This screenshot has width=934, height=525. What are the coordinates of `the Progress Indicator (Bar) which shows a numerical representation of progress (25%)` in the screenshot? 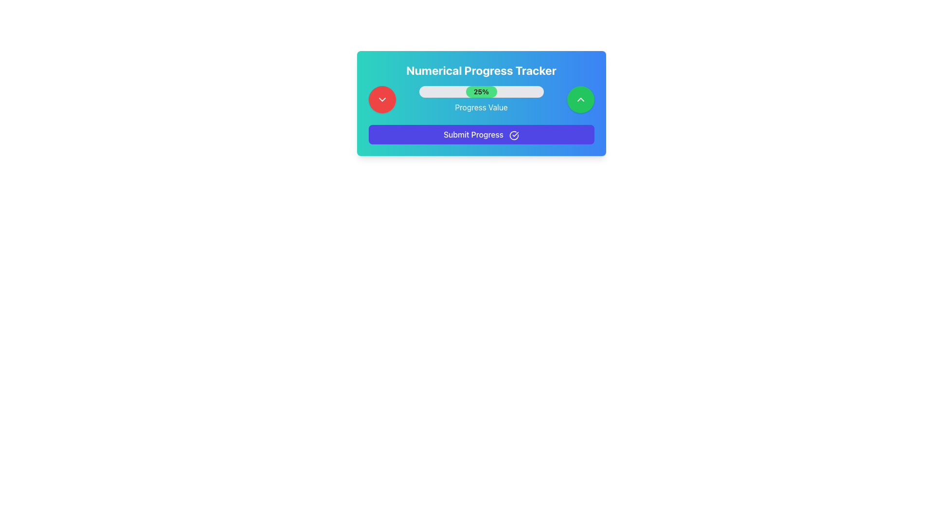 It's located at (481, 103).